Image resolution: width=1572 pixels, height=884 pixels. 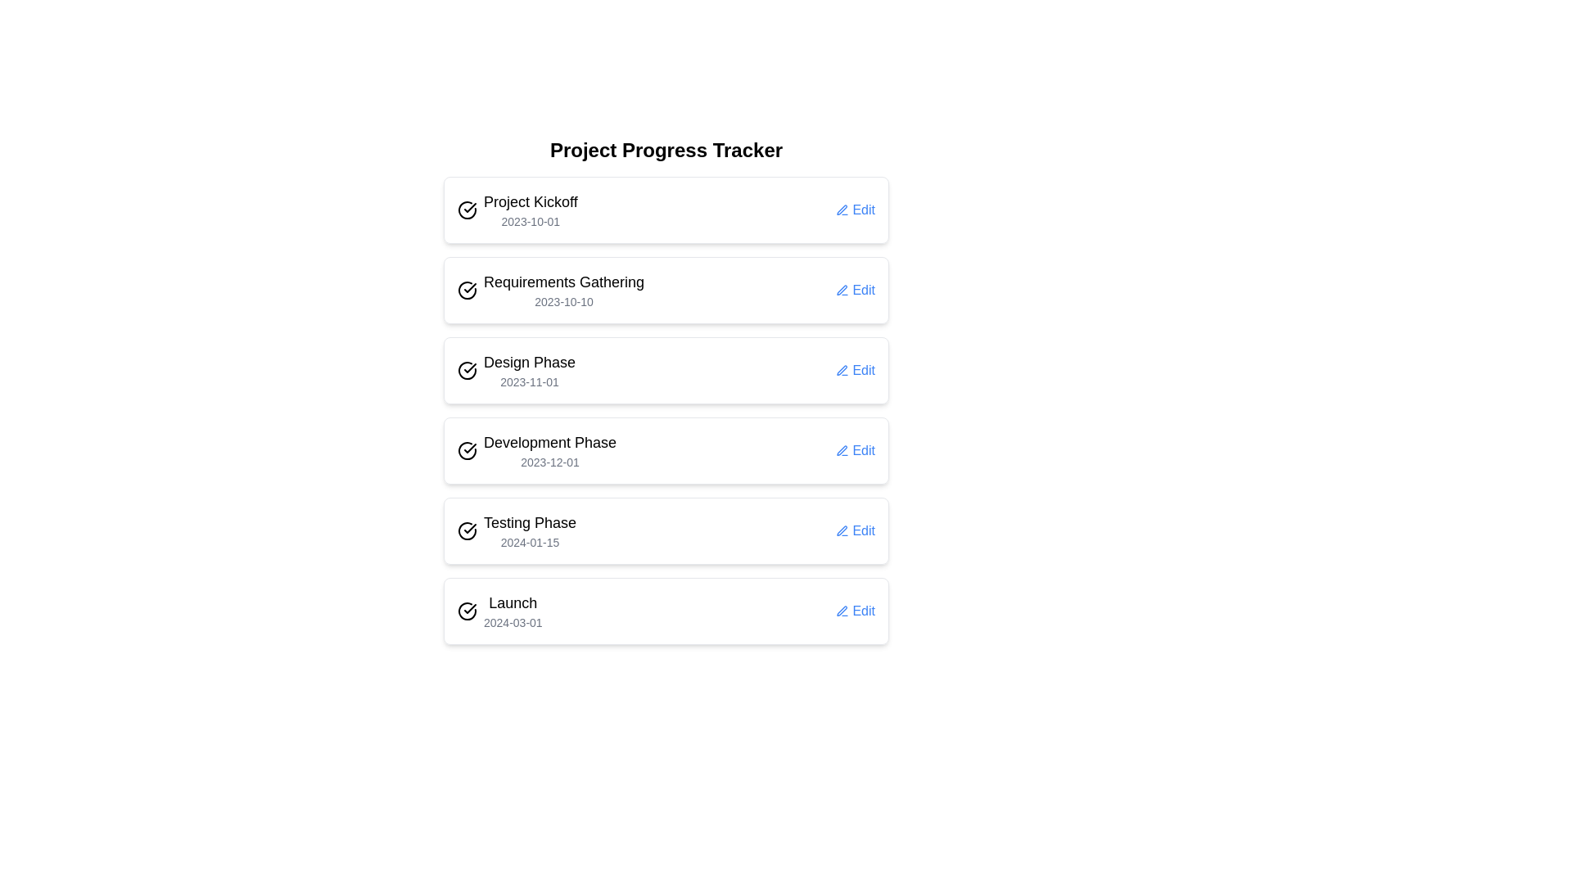 What do you see at coordinates (467, 210) in the screenshot?
I see `the completion status icon indicating the 'Project Kickoff' milestone, located to the left of the text 'Project Kickoff' and above '2023-10-01'` at bounding box center [467, 210].